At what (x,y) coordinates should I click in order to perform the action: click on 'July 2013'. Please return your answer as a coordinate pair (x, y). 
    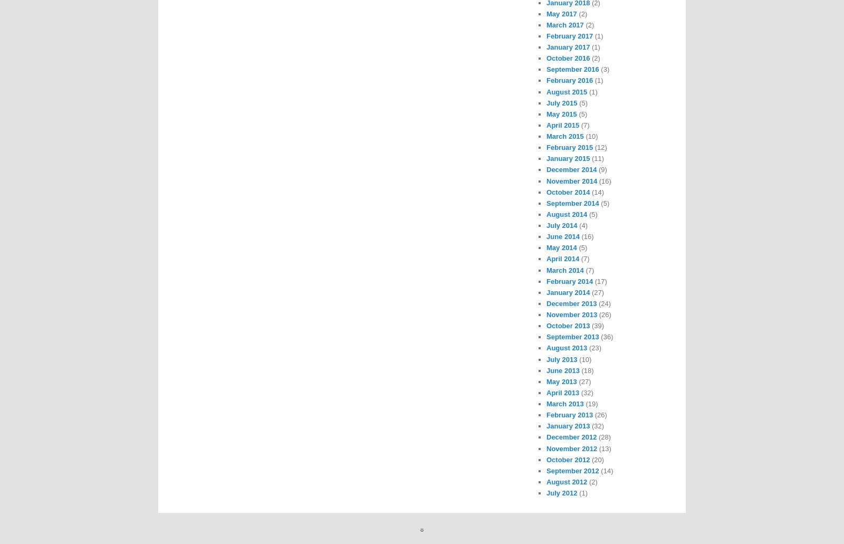
    Looking at the image, I should click on (561, 359).